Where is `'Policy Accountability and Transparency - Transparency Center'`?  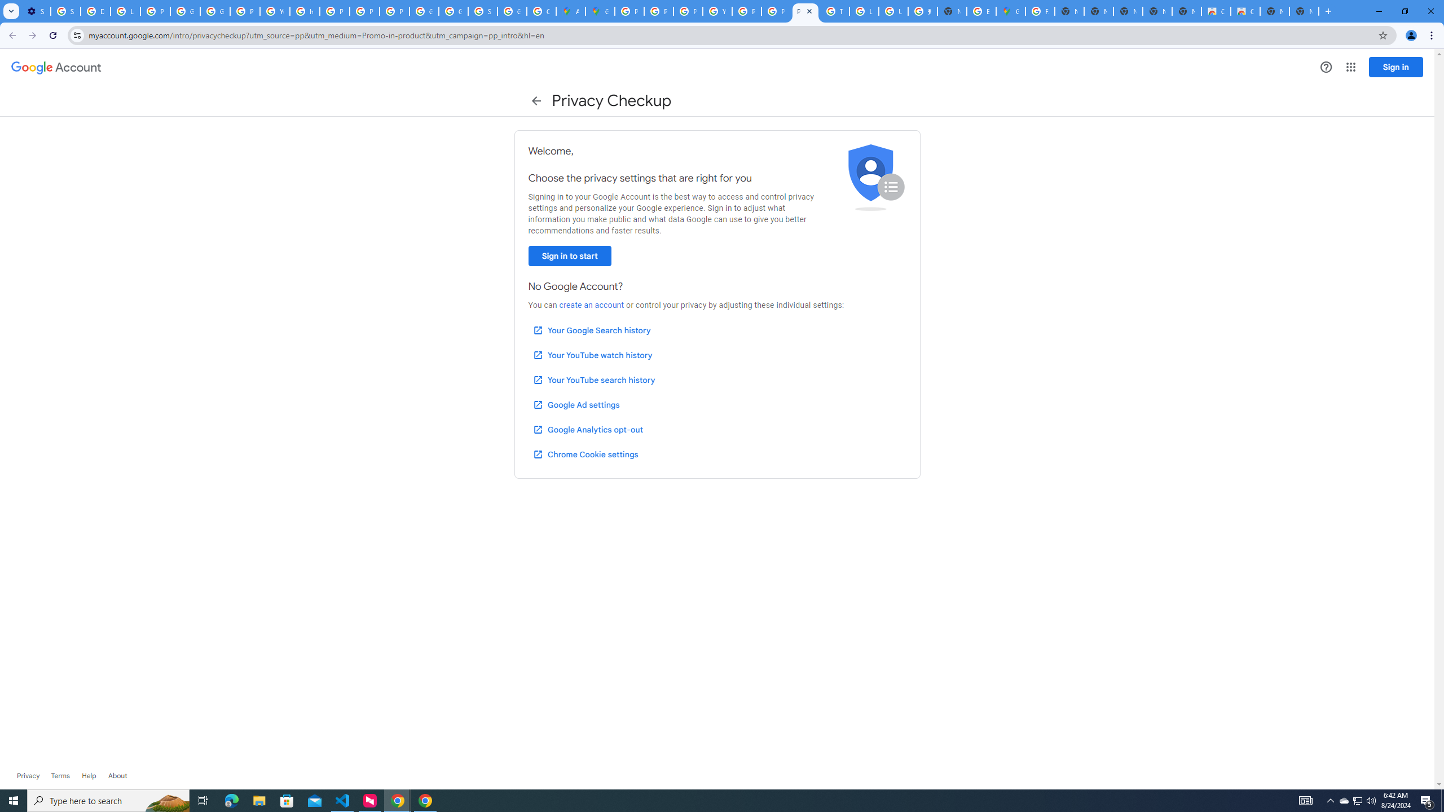 'Policy Accountability and Transparency - Transparency Center' is located at coordinates (629, 11).